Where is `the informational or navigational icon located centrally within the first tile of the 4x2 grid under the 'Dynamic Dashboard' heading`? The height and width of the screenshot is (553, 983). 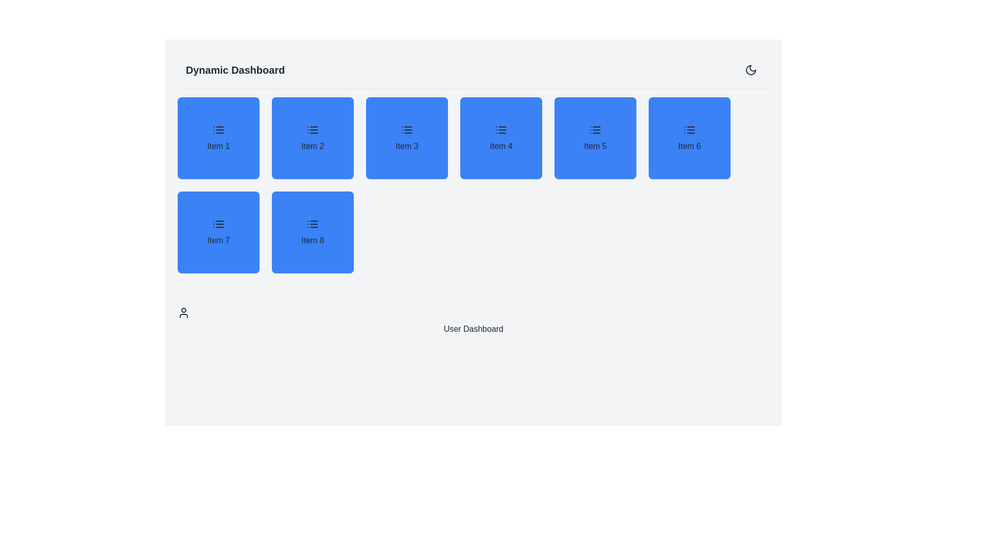
the informational or navigational icon located centrally within the first tile of the 4x2 grid under the 'Dynamic Dashboard' heading is located at coordinates (218, 130).